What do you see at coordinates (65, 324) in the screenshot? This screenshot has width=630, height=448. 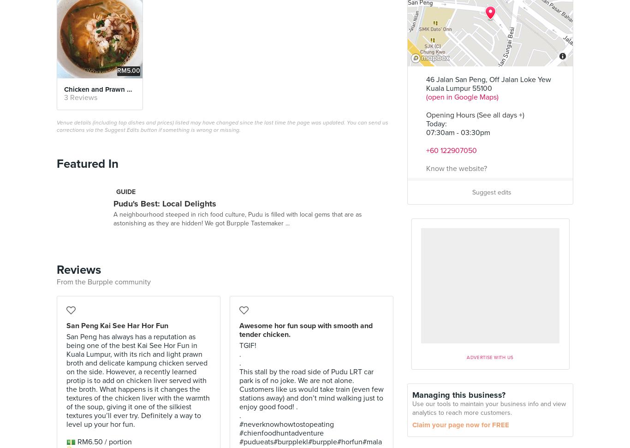 I see `'San Peng Kai See Har Hor Fun'` at bounding box center [65, 324].